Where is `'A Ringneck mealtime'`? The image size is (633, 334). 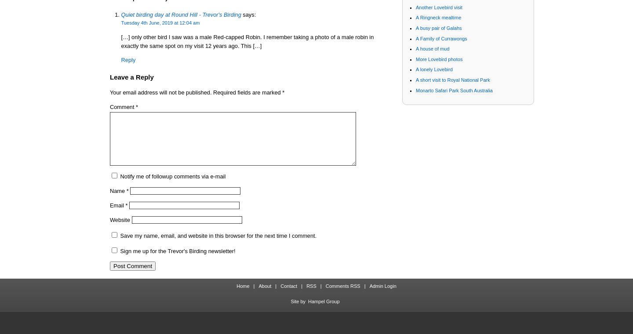
'A Ringneck mealtime' is located at coordinates (438, 17).